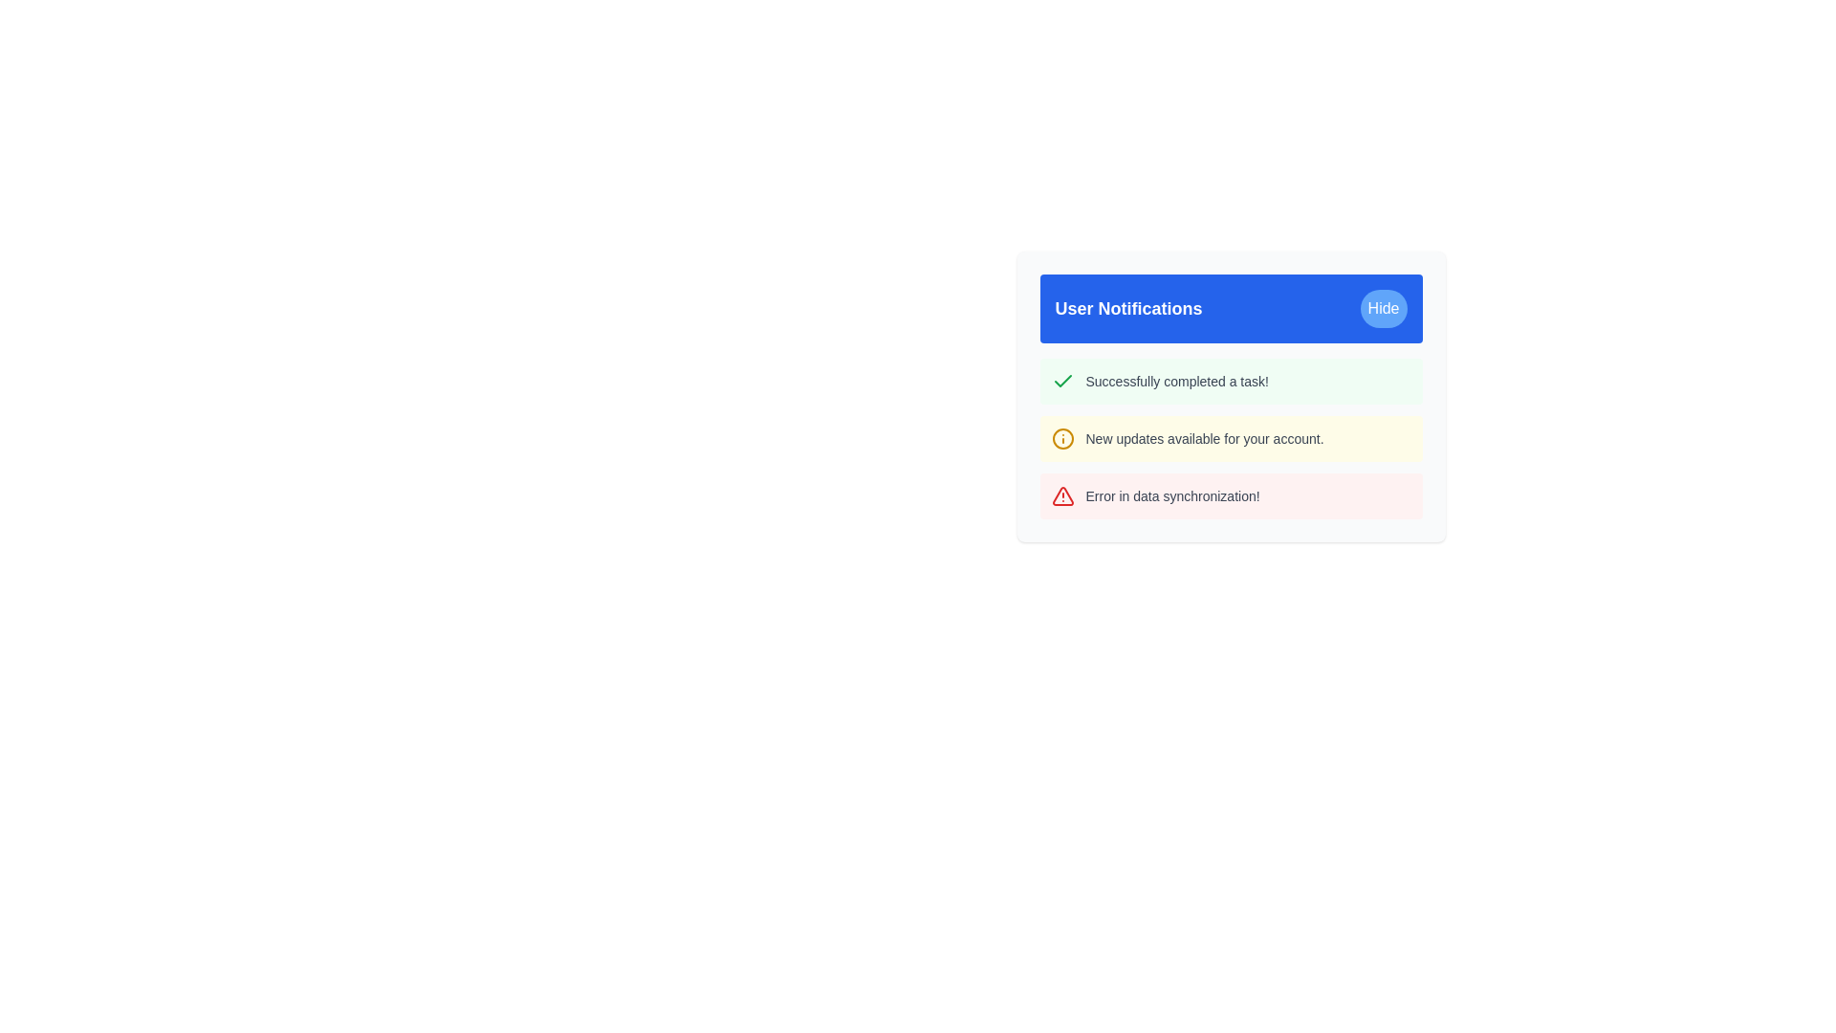 This screenshot has height=1033, width=1836. What do you see at coordinates (1231, 381) in the screenshot?
I see `success message notification located beneath the 'User Notifications' header and above the 'New updates available for your account' notification` at bounding box center [1231, 381].